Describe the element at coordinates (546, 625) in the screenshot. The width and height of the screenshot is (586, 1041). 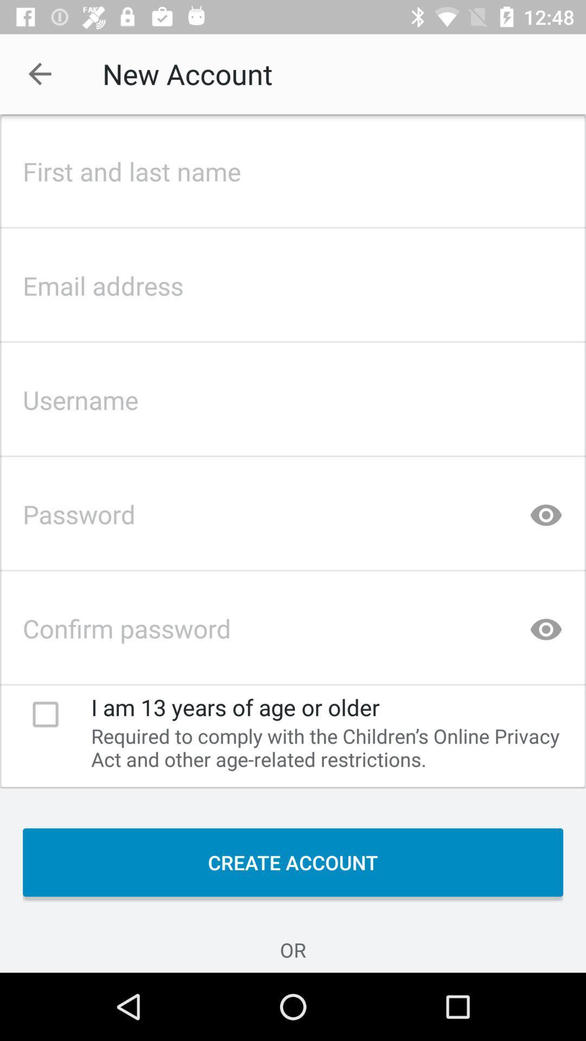
I see `show password` at that location.